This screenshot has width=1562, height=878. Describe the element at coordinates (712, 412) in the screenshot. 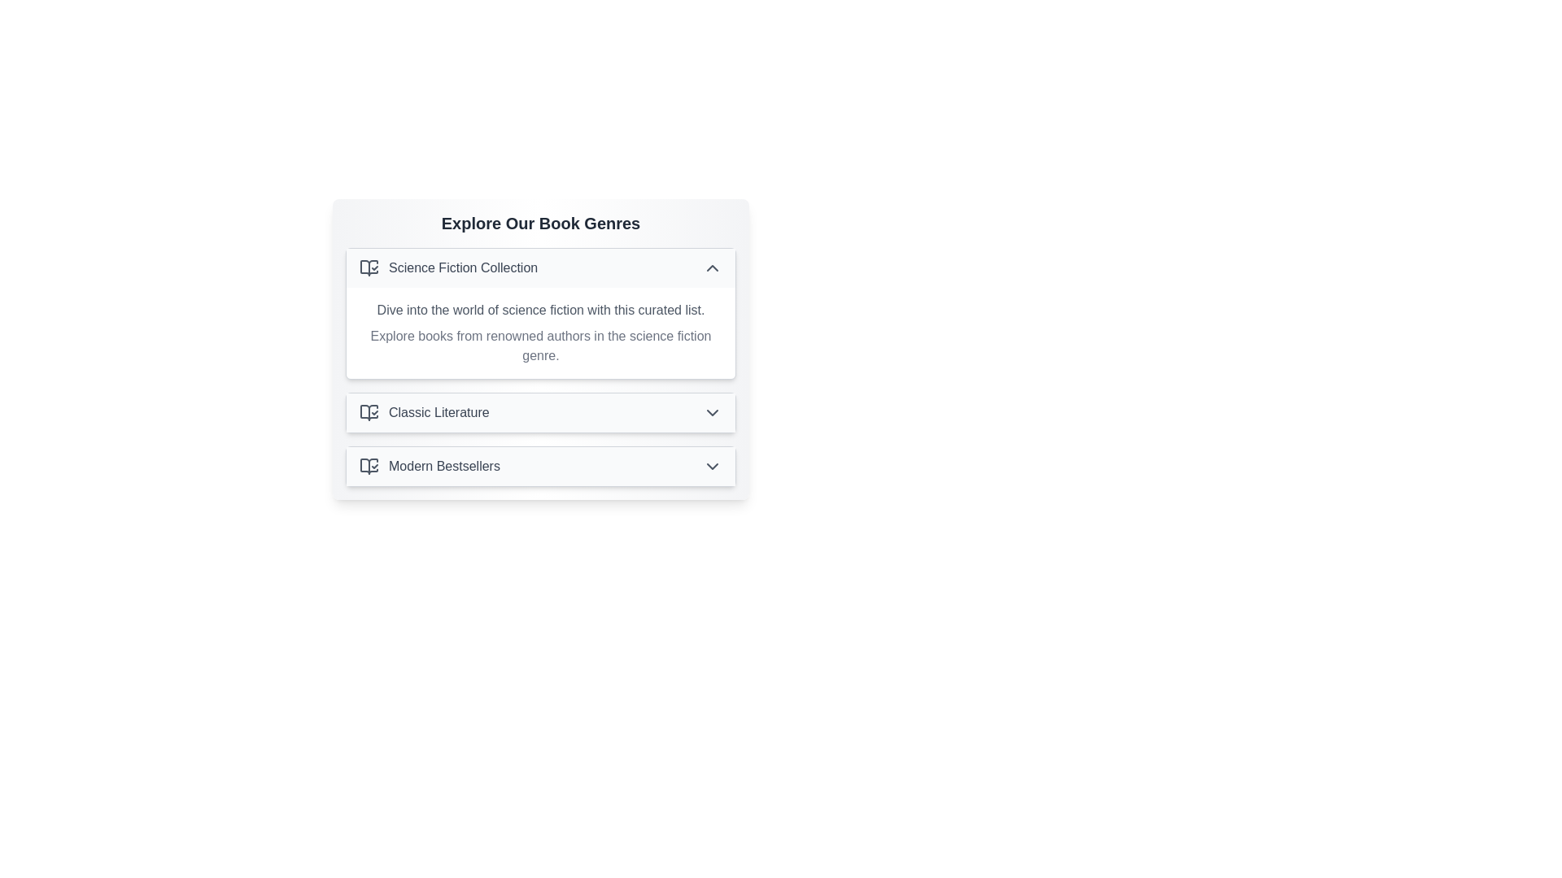

I see `the Dropdown indicator (Chevron Down Icon) located on the right side of the 'Classic Literature' section` at that location.